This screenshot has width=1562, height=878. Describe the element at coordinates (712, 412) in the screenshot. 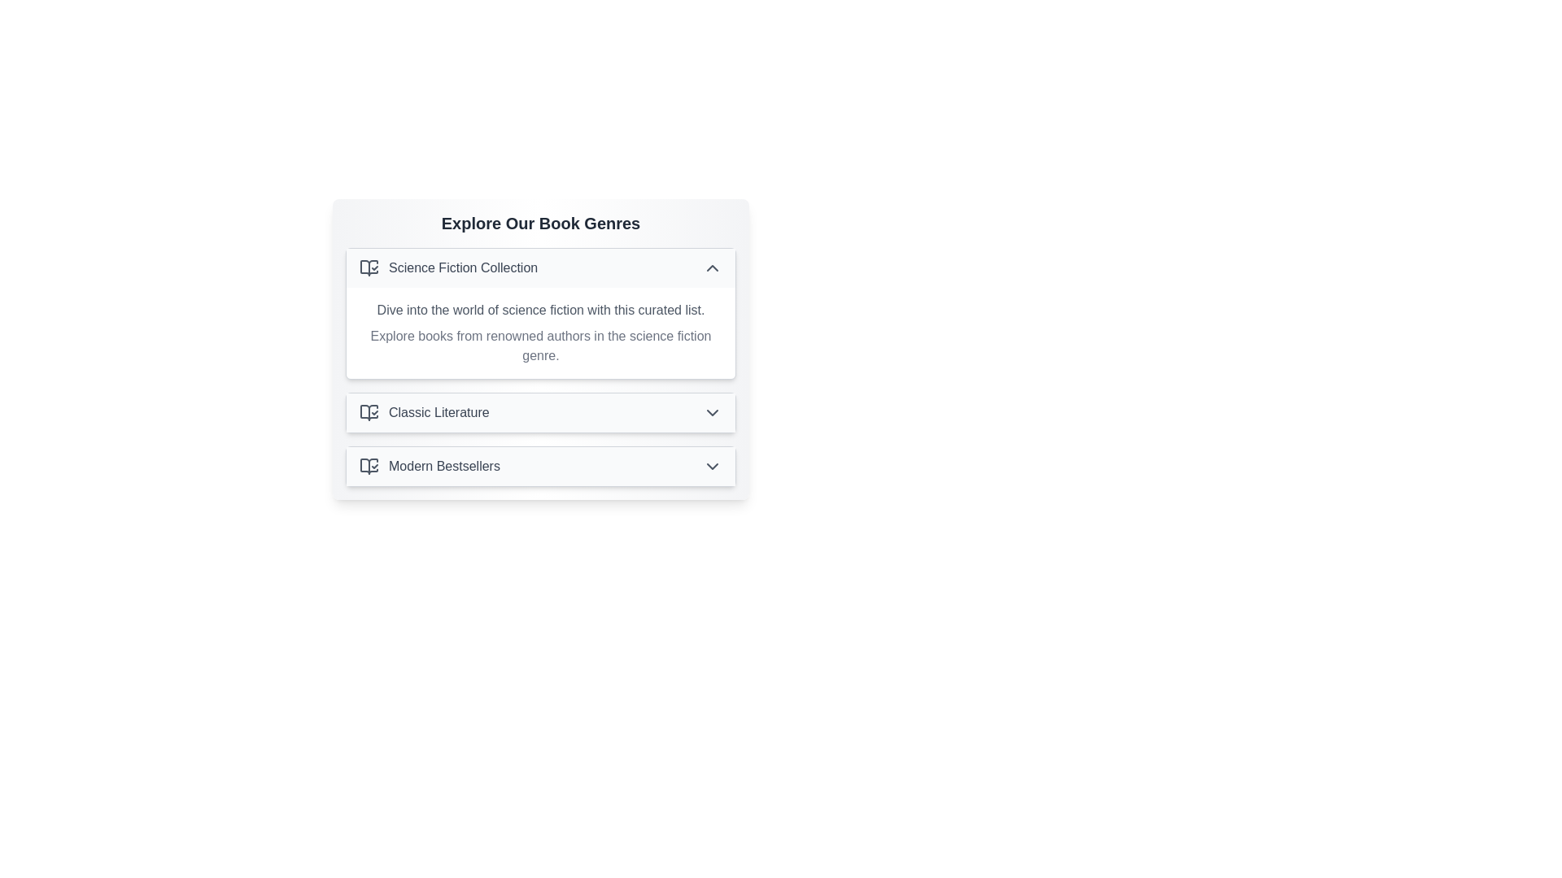

I see `the Dropdown indicator (Chevron Down Icon) located on the right side of the 'Classic Literature' section` at that location.